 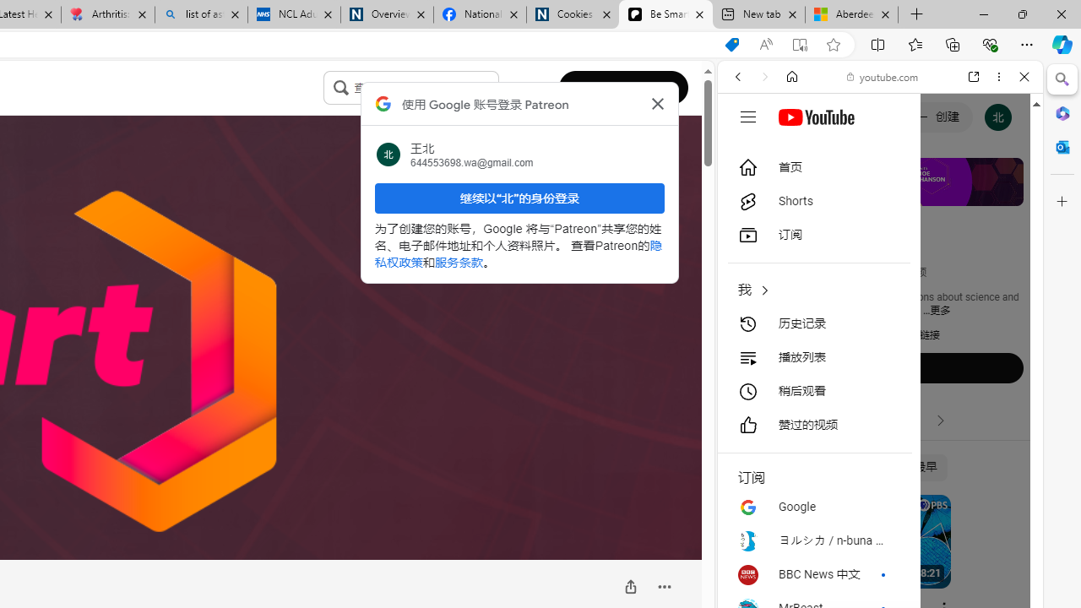 I want to click on 'Cookies | About | NICE', so click(x=573, y=14).